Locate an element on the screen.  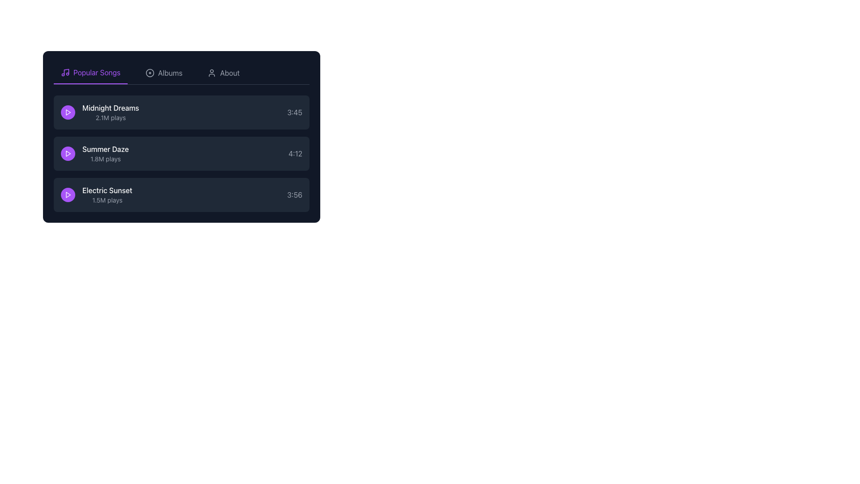
the 'Popular Songs' section of the Tab navigation bar is located at coordinates (181, 73).